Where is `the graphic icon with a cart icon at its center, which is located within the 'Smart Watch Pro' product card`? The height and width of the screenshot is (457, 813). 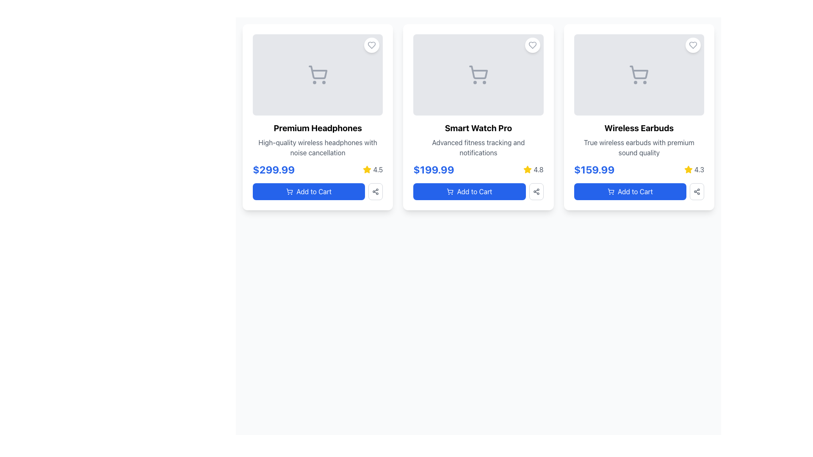 the graphic icon with a cart icon at its center, which is located within the 'Smart Watch Pro' product card is located at coordinates (478, 74).